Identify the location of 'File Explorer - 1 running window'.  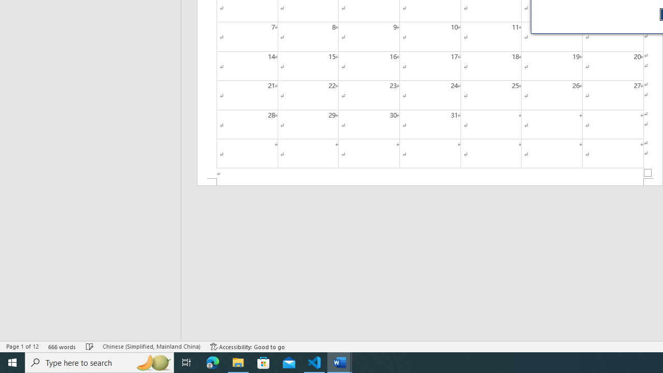
(238, 362).